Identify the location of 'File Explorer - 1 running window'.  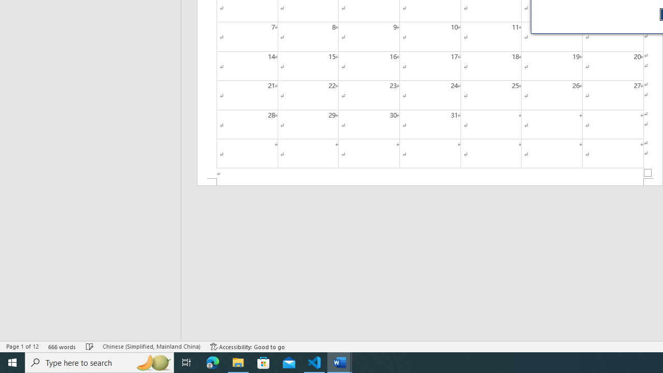
(238, 362).